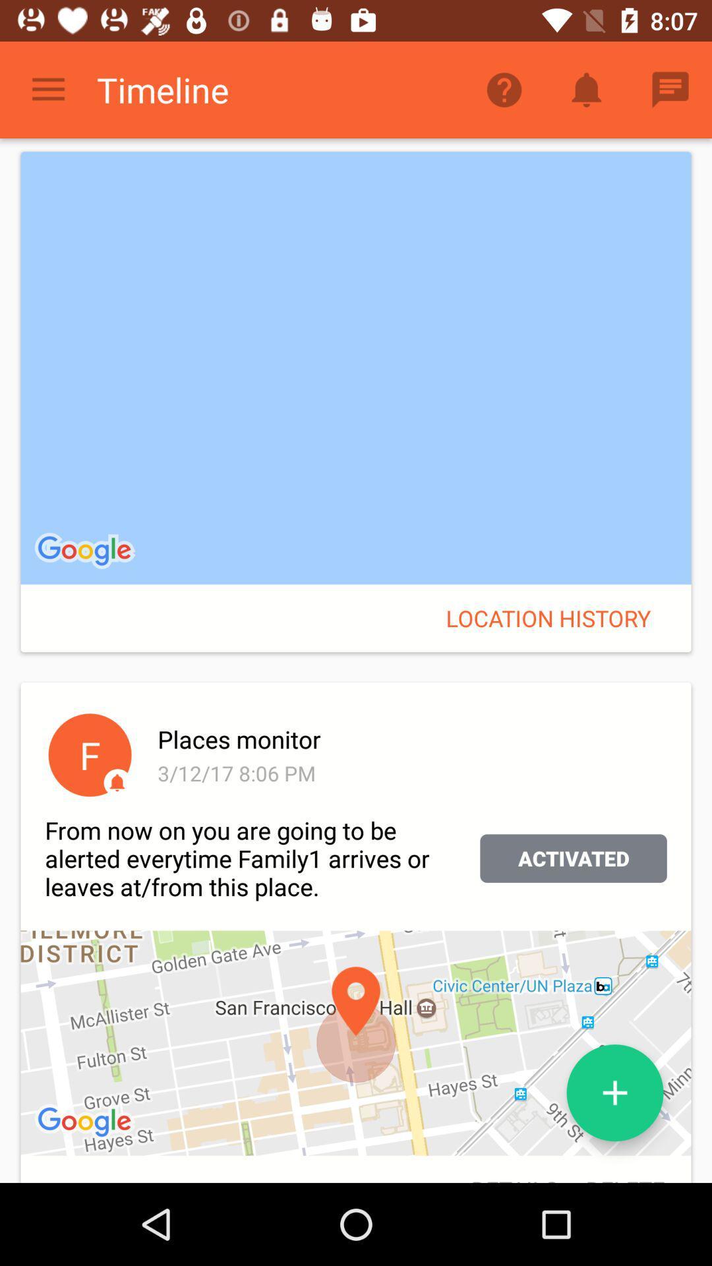 The image size is (712, 1266). I want to click on the add icon, so click(615, 1093).